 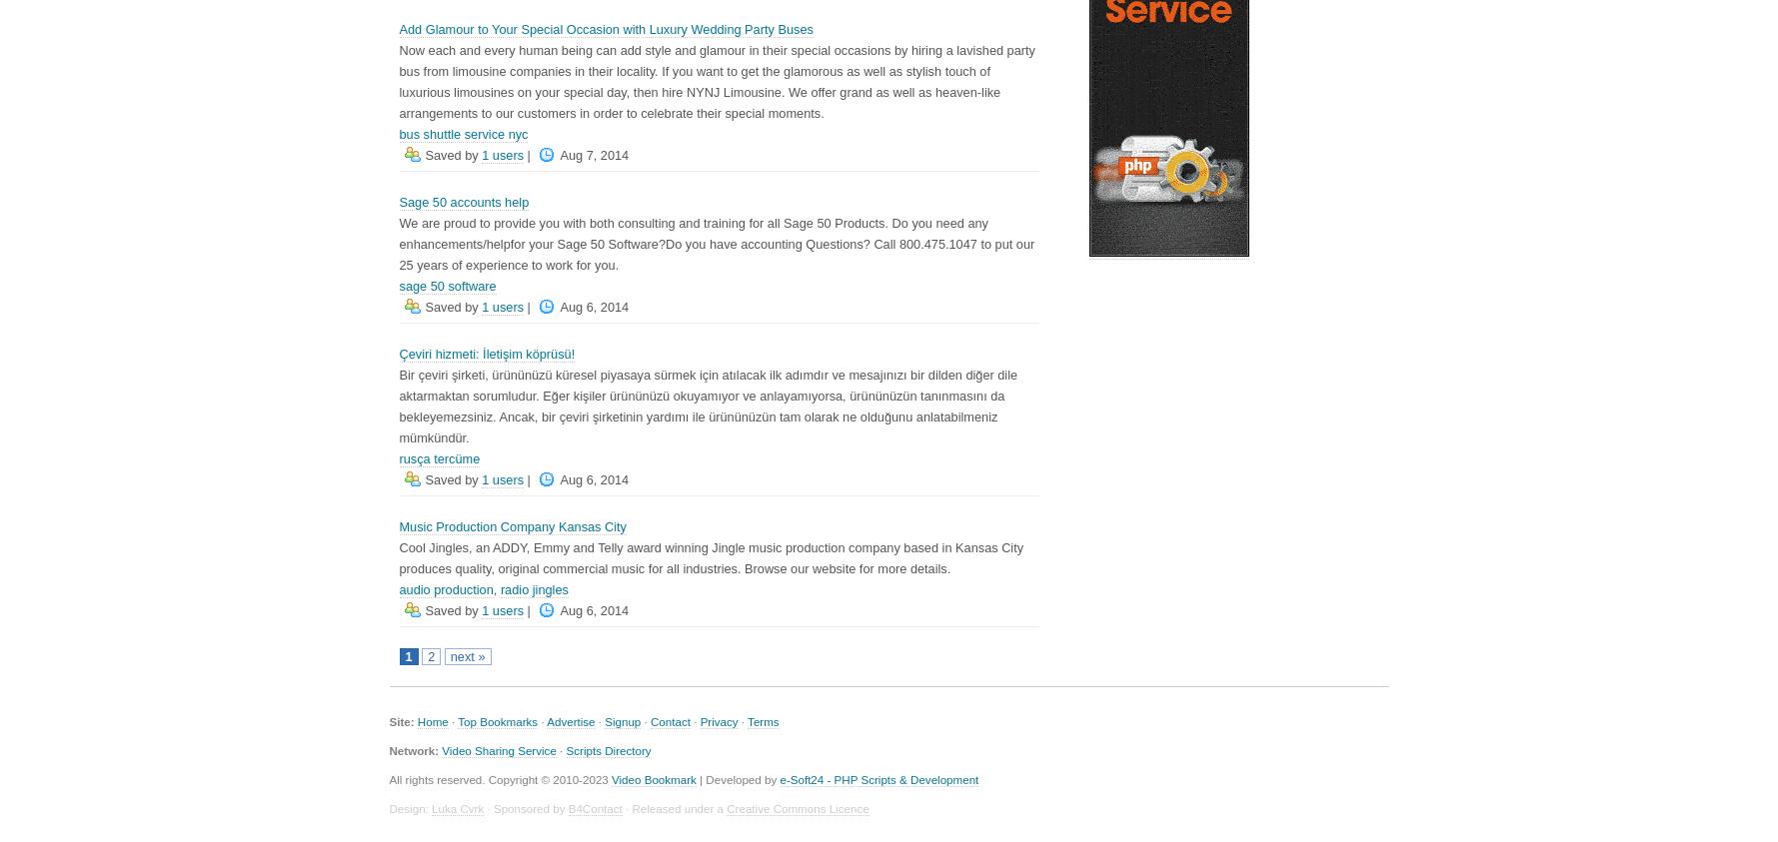 I want to click on 'Bir çeviri şirketi, ürününüzü küresel piyasaya sürmek için atılacak ilk adımdır ve mesajınızı bir dilden diğer dile aktarmaktan sorumludur. Eğer kişiler ürününüzü okuyamıyor ve anlayamıyorsa, ürününüzün tanınmasını da bekleyemezsiniz. Ancak, bir çeviri şirketinin yardımı ile ürününüzün tam olarak ne olduğunu anlatabilmeniz mümkündür.', so click(x=708, y=404).